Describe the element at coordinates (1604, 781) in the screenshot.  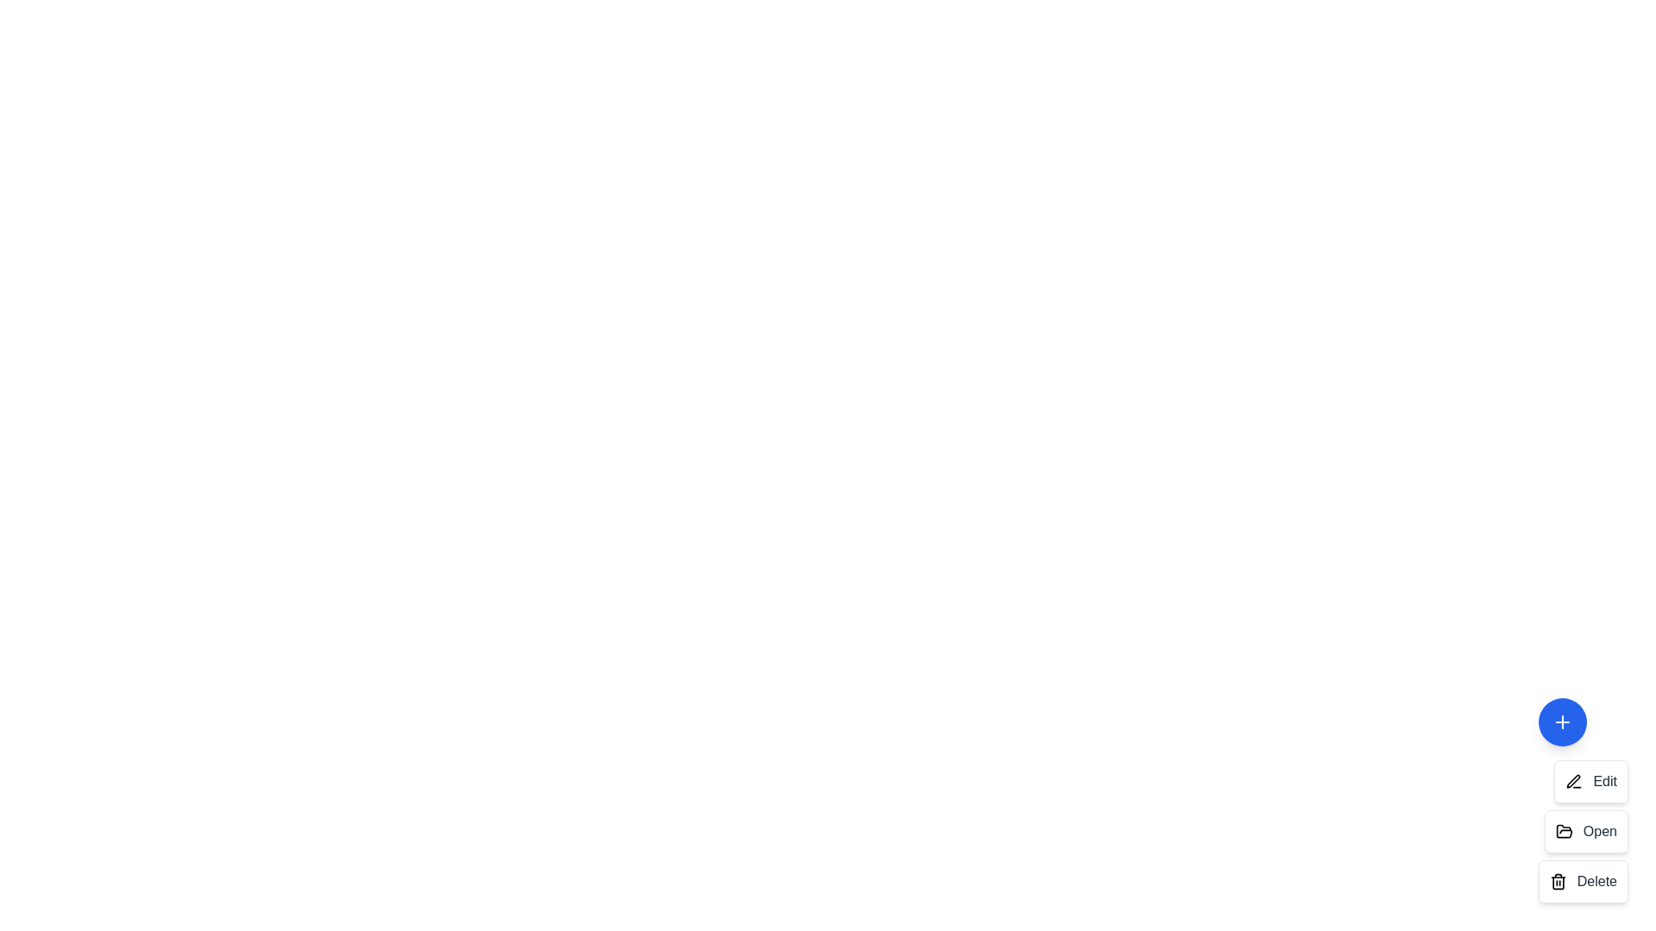
I see `the text label of the action item corresponding to Edit` at that location.